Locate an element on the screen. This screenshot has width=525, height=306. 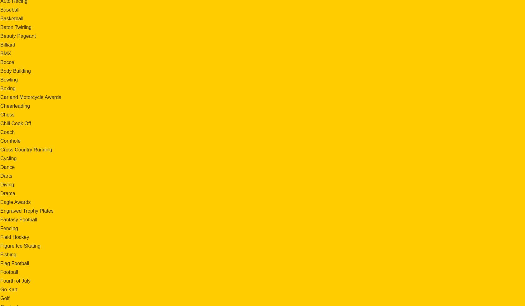
'Billiard' is located at coordinates (7, 44).